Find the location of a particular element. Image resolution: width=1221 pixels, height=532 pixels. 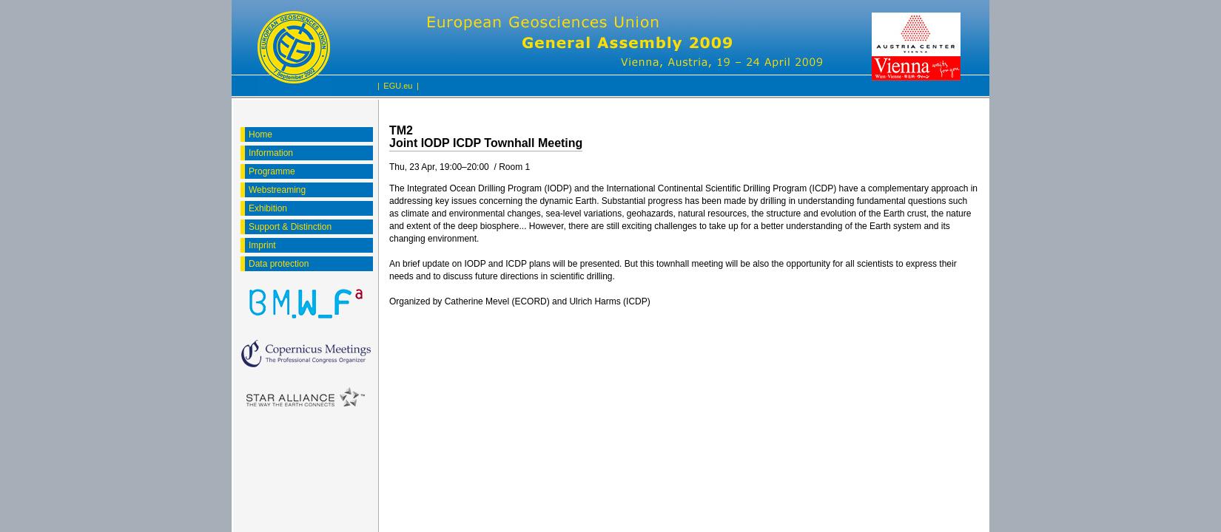

'/' is located at coordinates (492, 166).